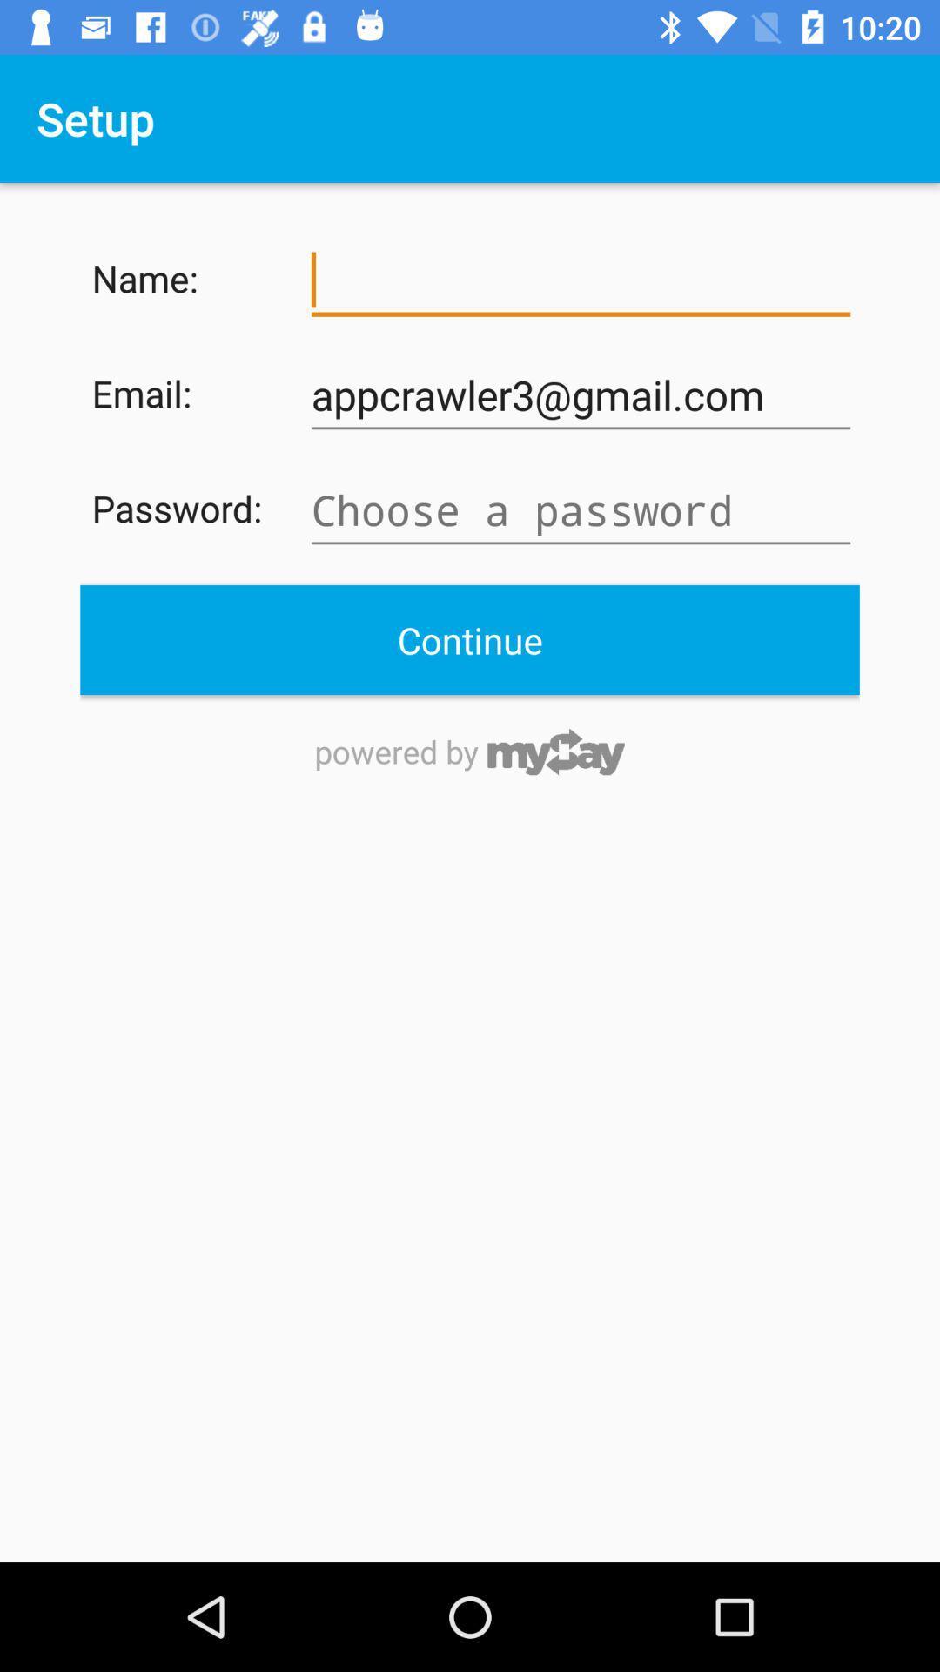 This screenshot has width=940, height=1672. What do you see at coordinates (581, 509) in the screenshot?
I see `the icon next to password:` at bounding box center [581, 509].